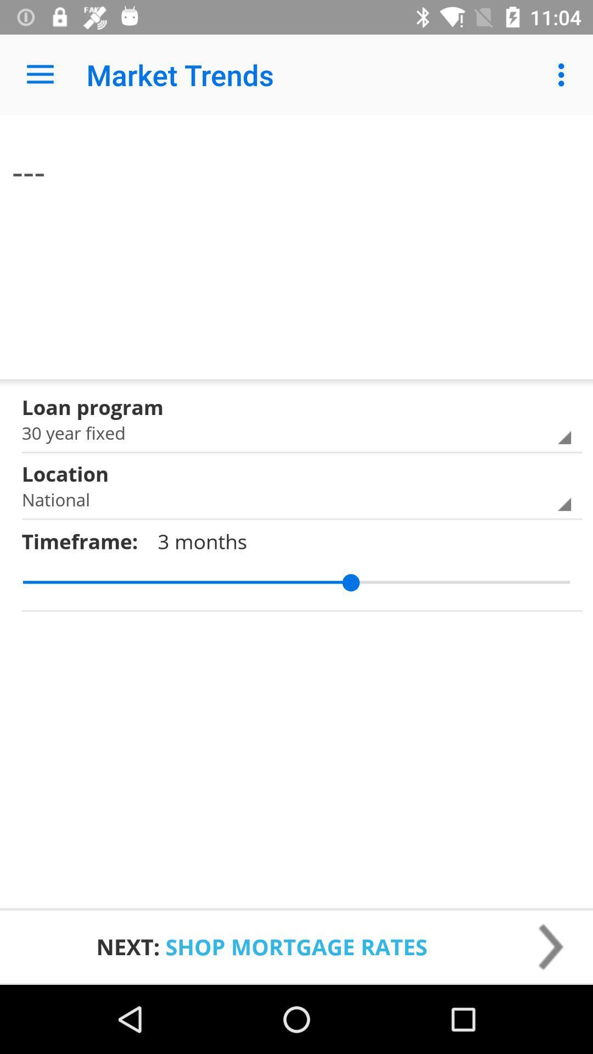 This screenshot has width=593, height=1054. Describe the element at coordinates (296, 946) in the screenshot. I see `the next shop mortgage icon` at that location.